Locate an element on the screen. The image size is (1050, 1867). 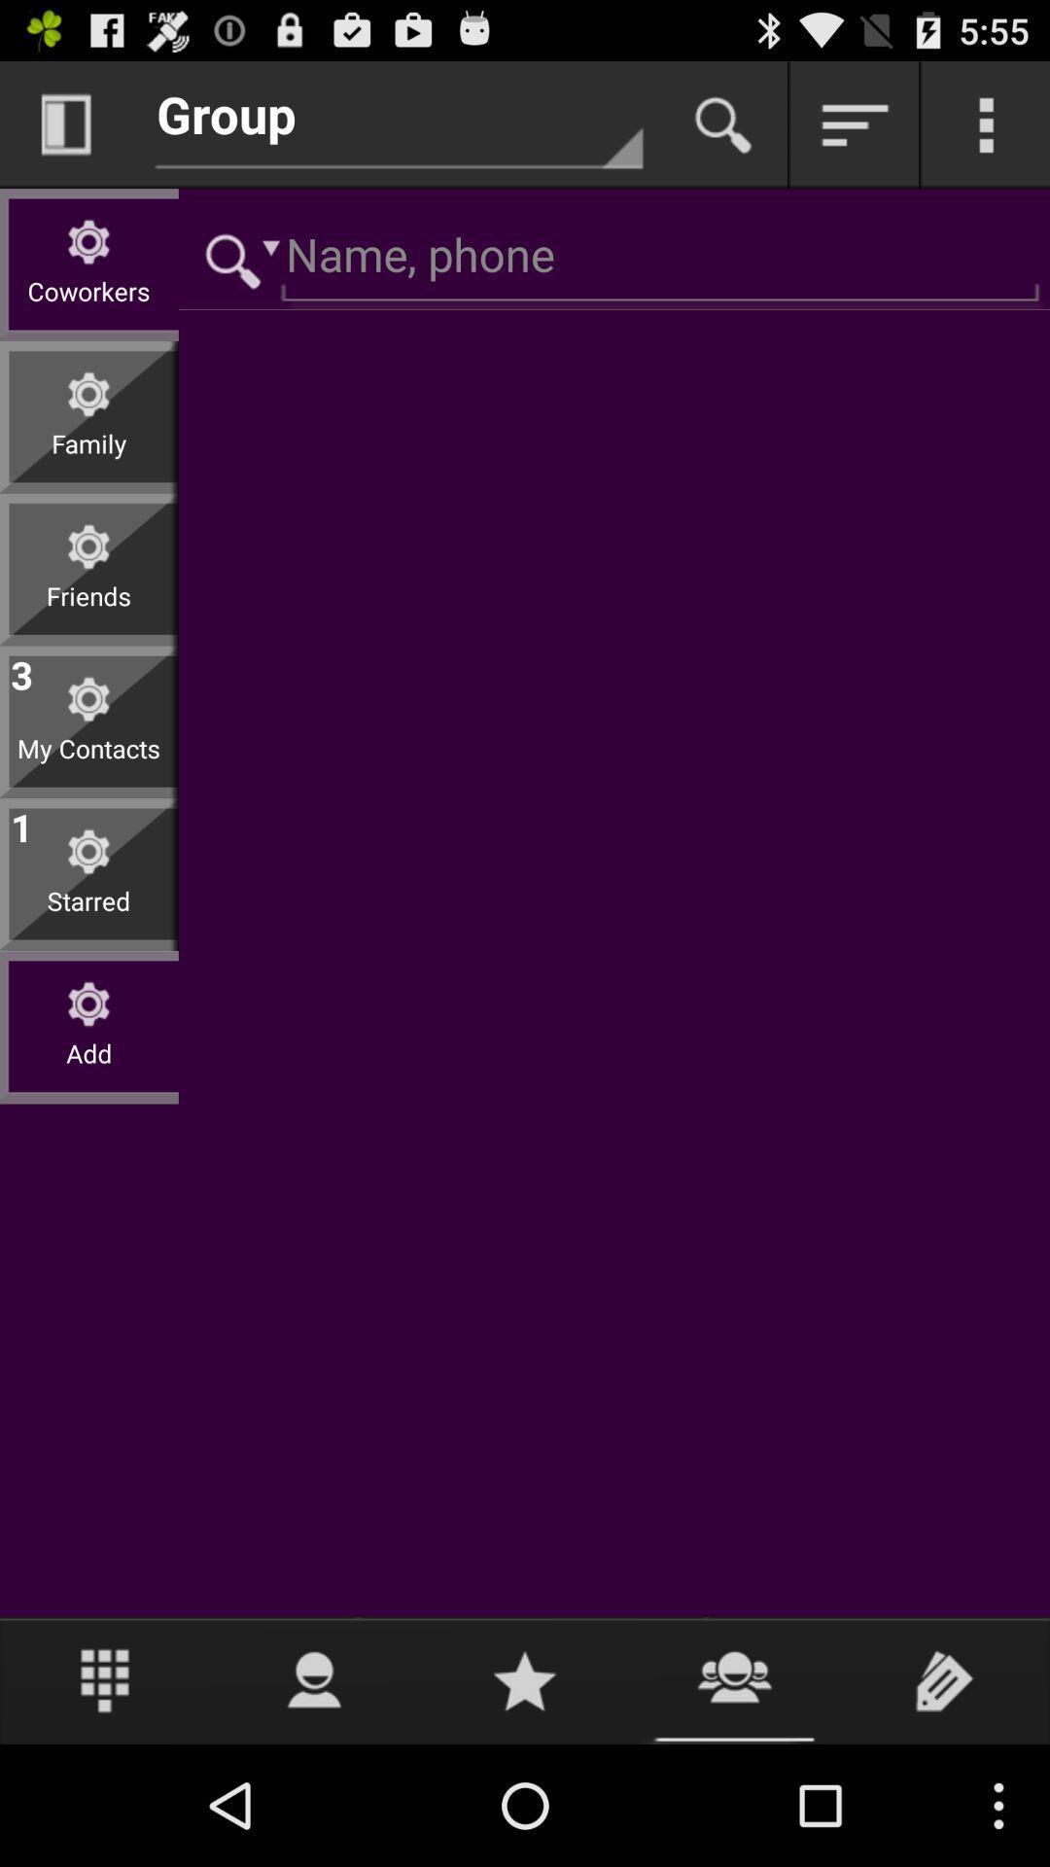
search dropdown is located at coordinates (233, 257).